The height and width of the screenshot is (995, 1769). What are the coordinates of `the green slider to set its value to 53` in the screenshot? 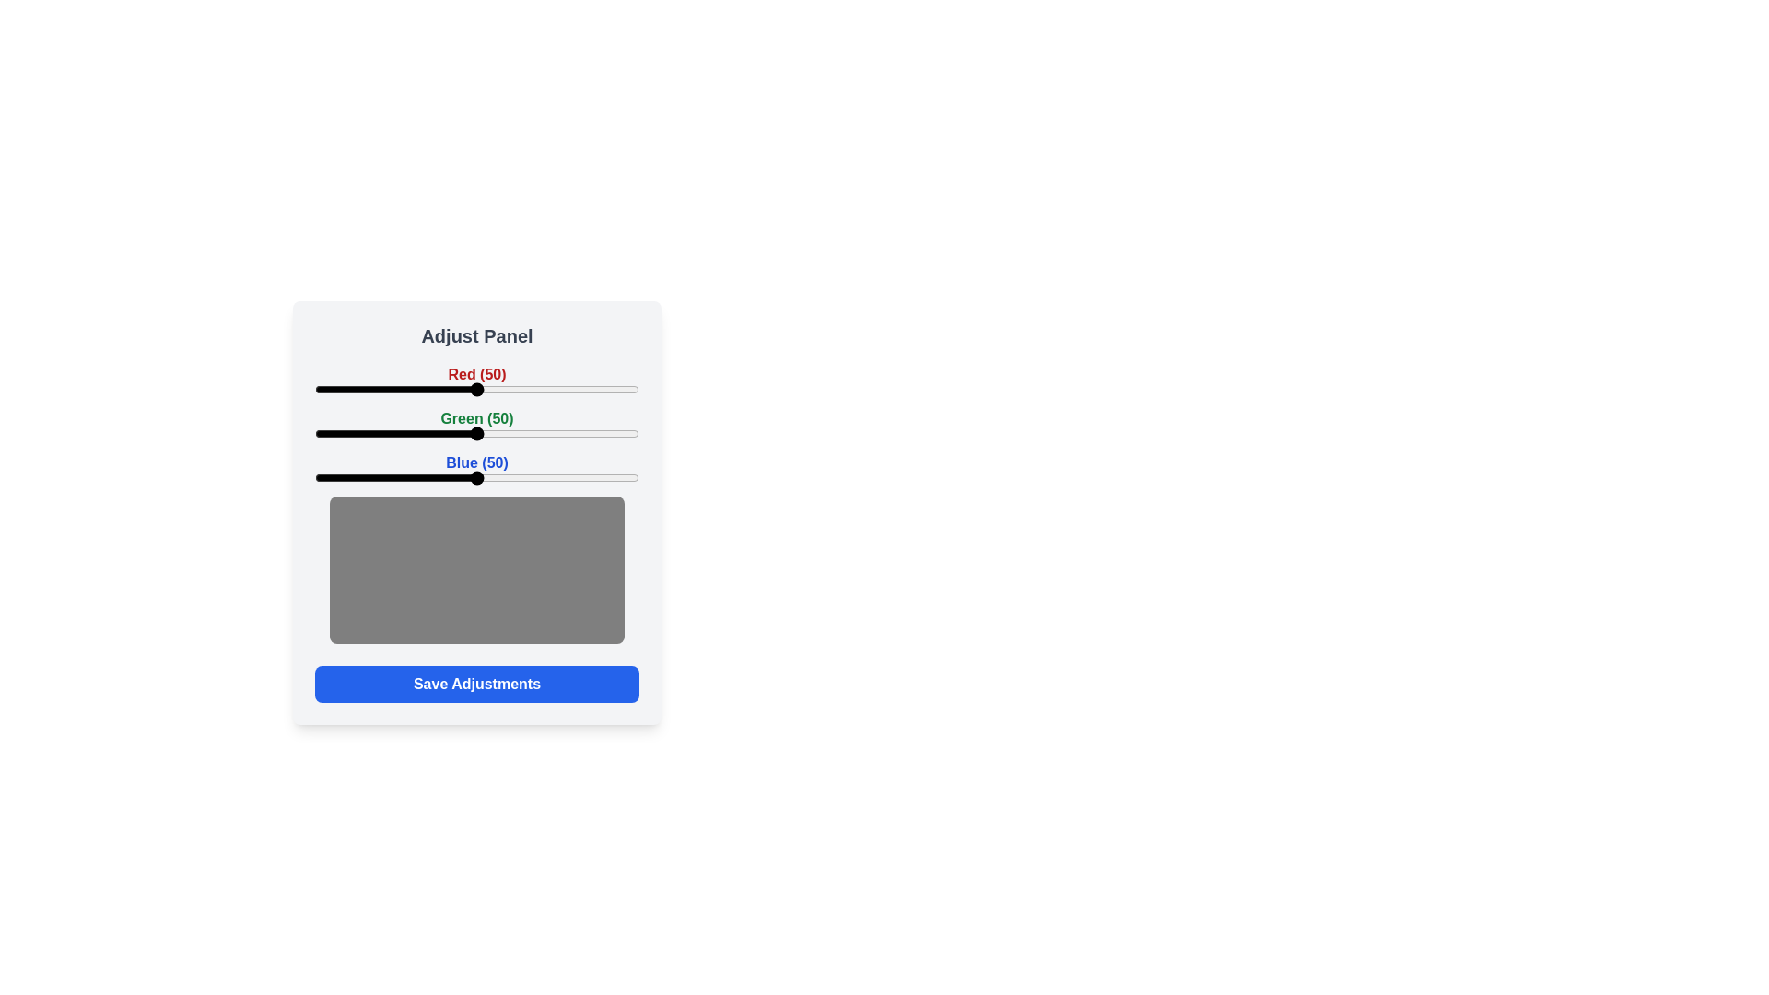 It's located at (486, 433).